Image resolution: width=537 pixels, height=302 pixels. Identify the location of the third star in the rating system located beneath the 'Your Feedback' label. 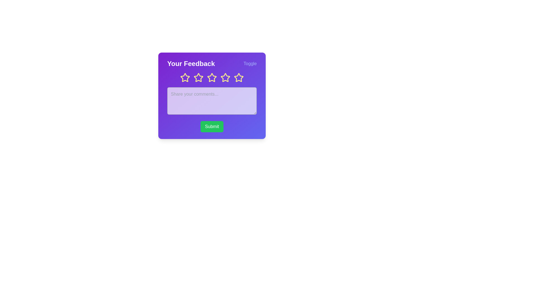
(199, 77).